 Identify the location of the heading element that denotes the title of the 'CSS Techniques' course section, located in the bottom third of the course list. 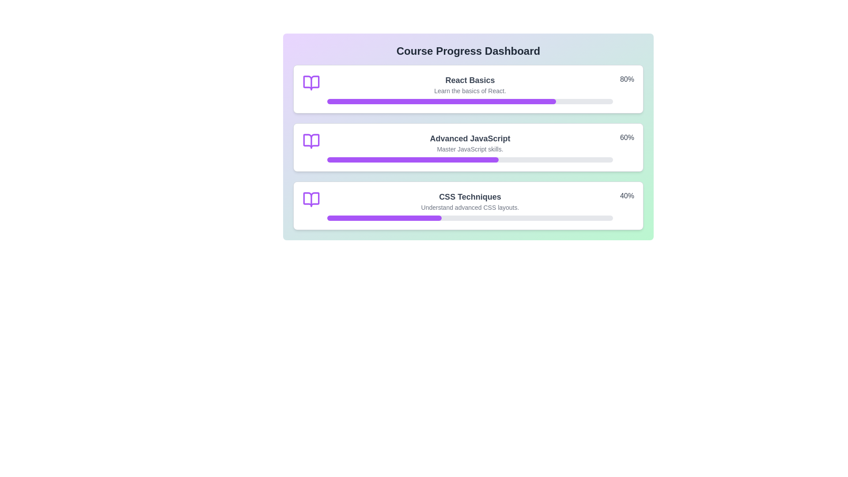
(469, 197).